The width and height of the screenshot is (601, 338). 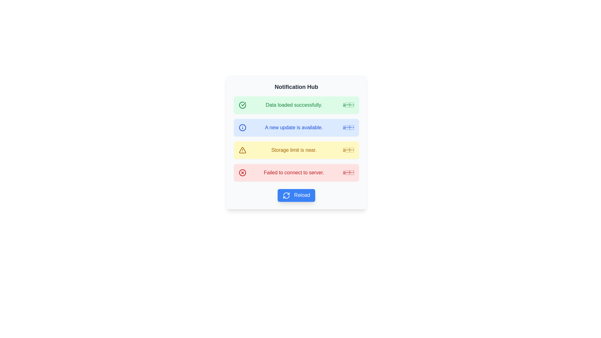 I want to click on the warning indicator icon in the notification section that signifies 'Storage limit is near.', so click(x=242, y=150).